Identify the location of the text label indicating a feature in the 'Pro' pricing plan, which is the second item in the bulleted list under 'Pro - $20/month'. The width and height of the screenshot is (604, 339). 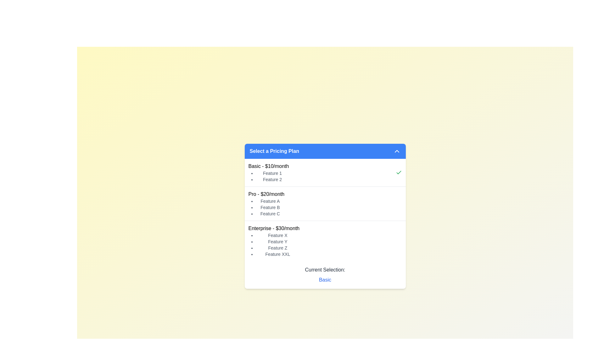
(270, 207).